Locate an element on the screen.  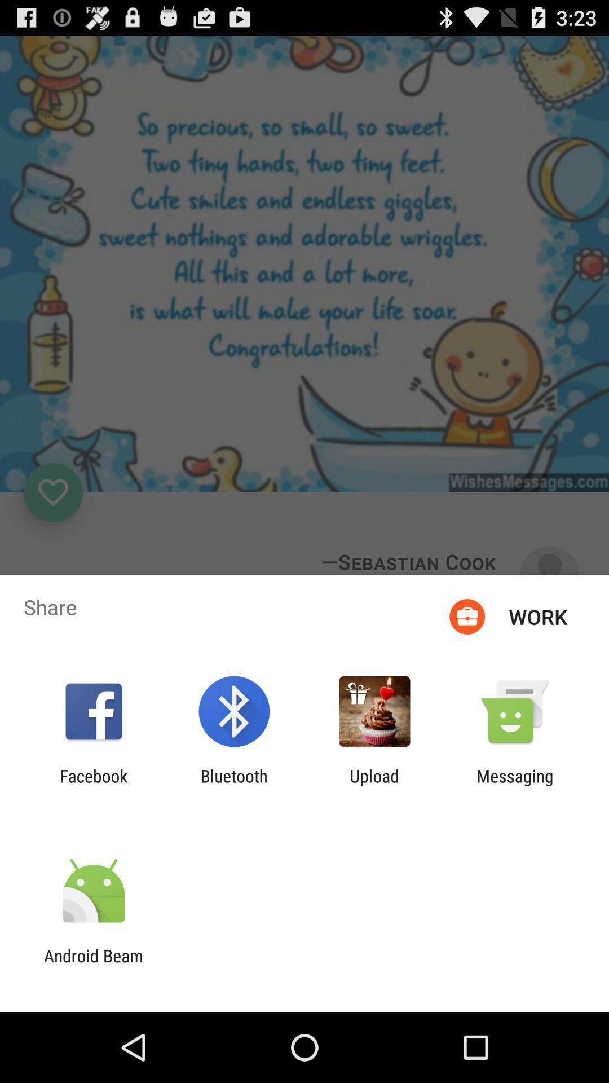
the icon next to bluetooth item is located at coordinates (93, 785).